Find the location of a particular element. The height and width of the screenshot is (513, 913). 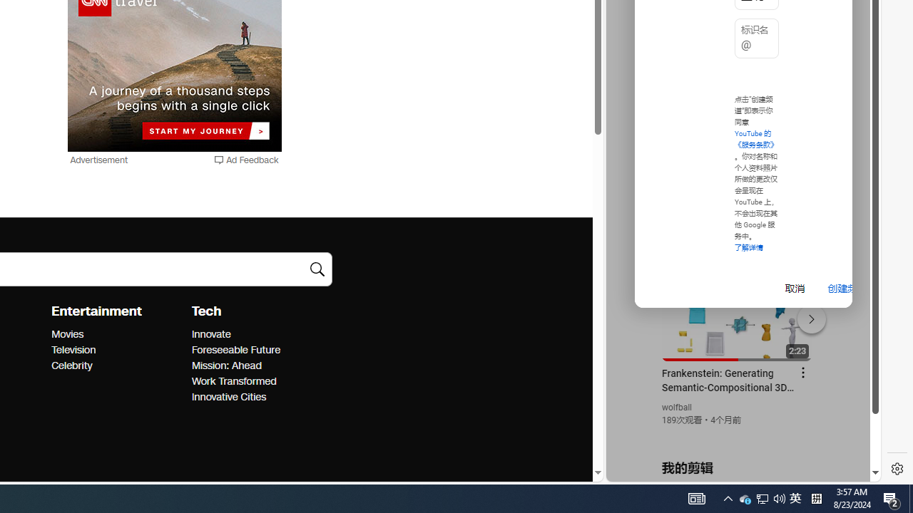

'wolfball' is located at coordinates (676, 408).